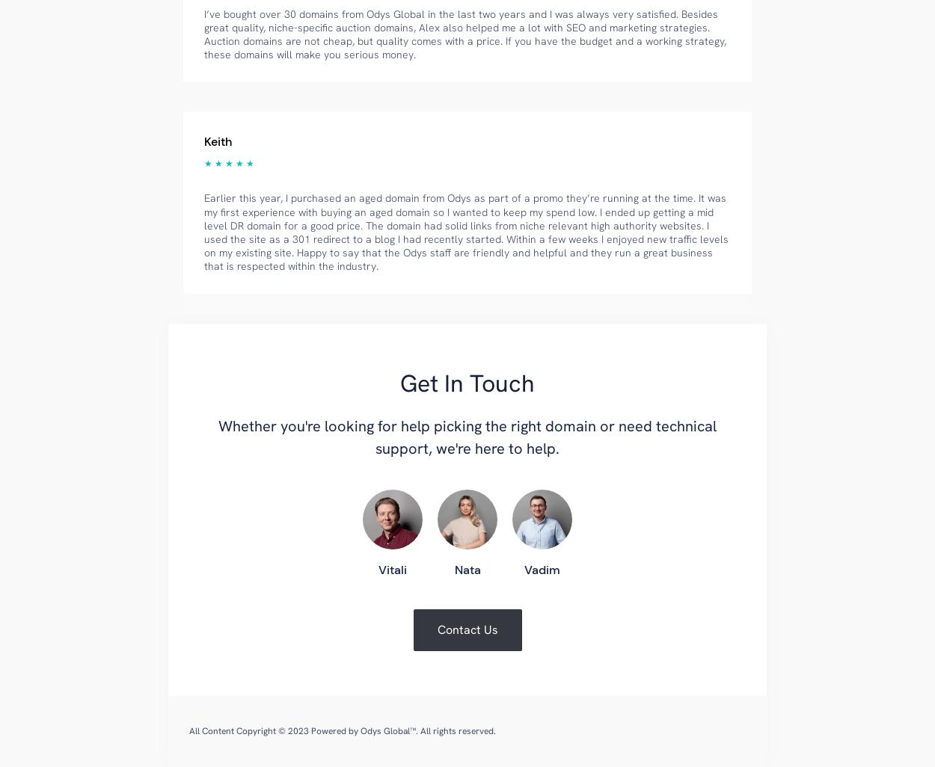 This screenshot has height=767, width=935. Describe the element at coordinates (378, 570) in the screenshot. I see `'Vitali'` at that location.